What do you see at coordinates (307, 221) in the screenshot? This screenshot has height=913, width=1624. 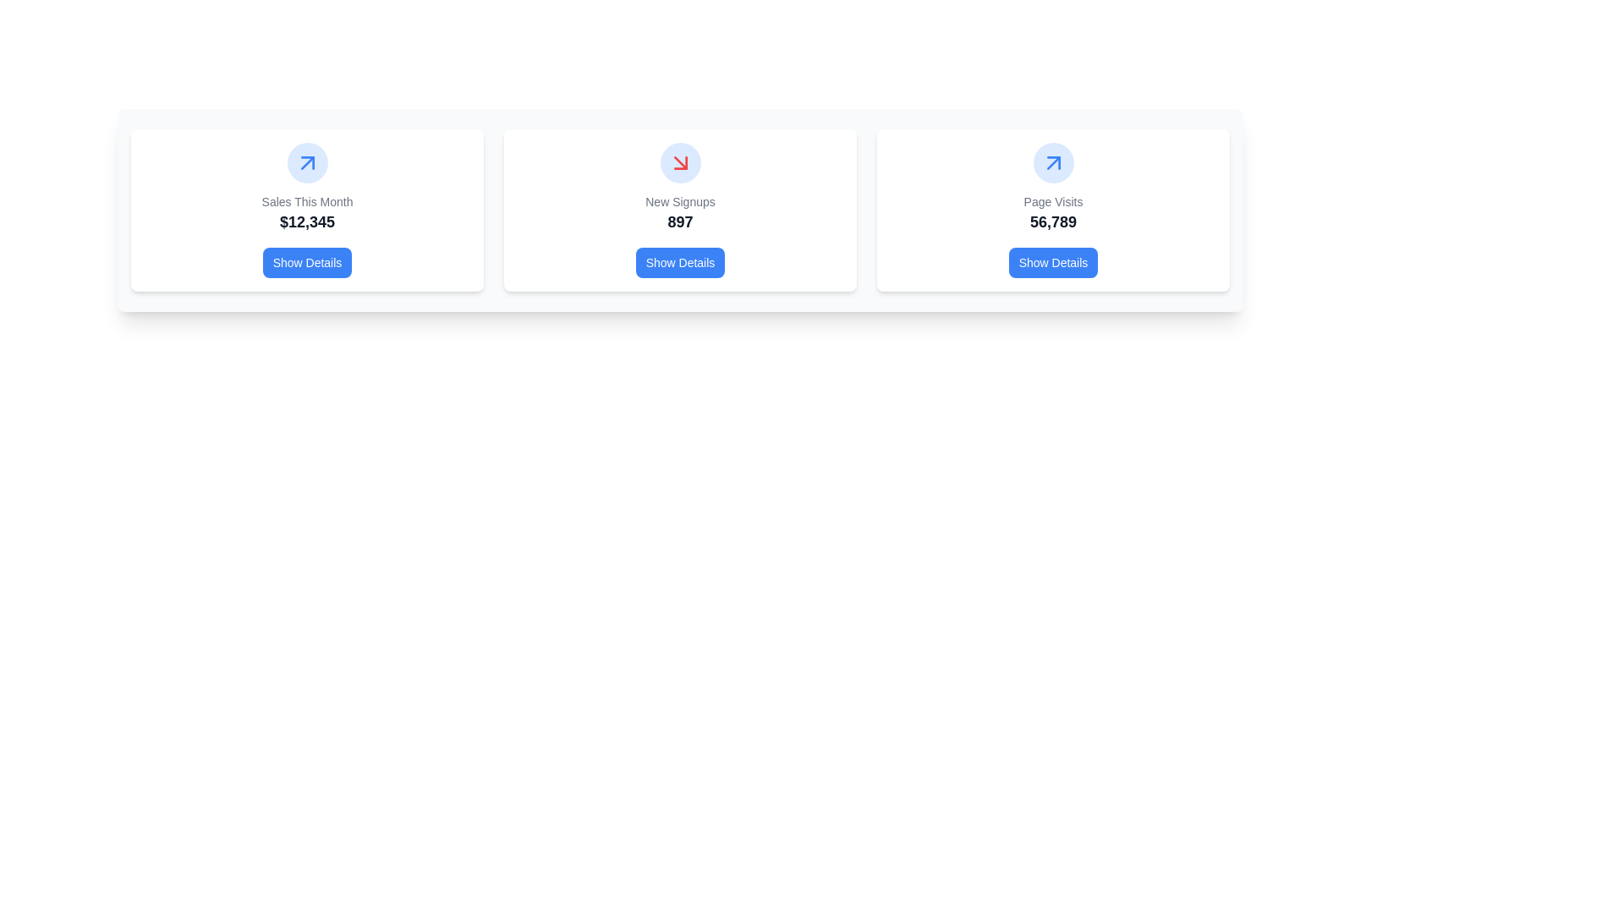 I see `displayed value of the text element showing the bold number '$12,345' in dark gray color, which is centrally aligned below 'Sales This Month' and above 'Show Details'` at bounding box center [307, 221].